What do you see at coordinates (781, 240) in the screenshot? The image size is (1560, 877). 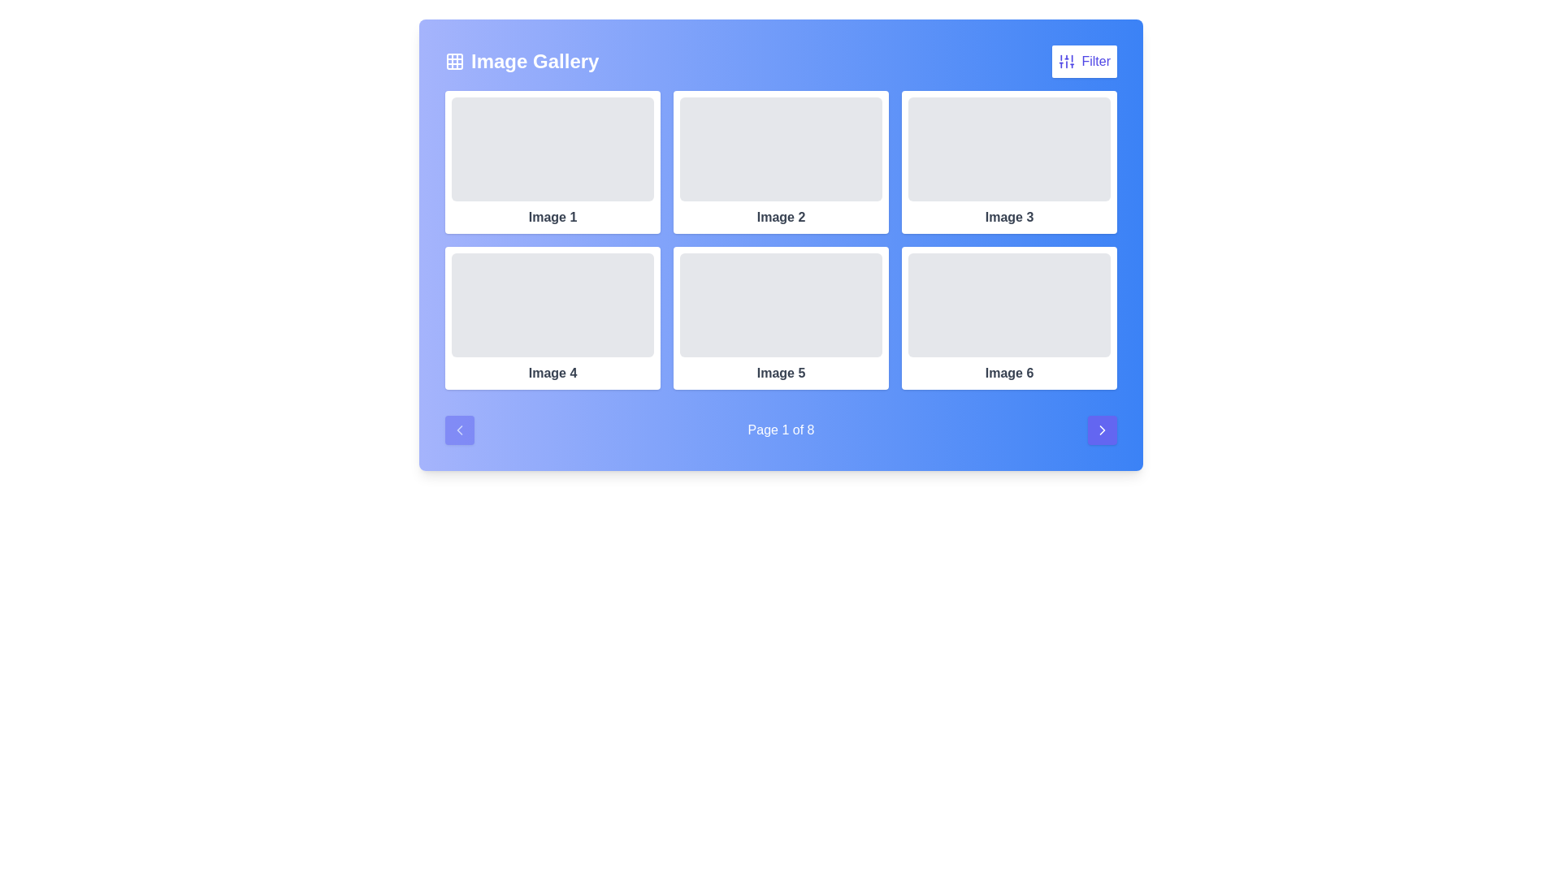 I see `an image within the grid layout located below the 'Image Gallery' title` at bounding box center [781, 240].